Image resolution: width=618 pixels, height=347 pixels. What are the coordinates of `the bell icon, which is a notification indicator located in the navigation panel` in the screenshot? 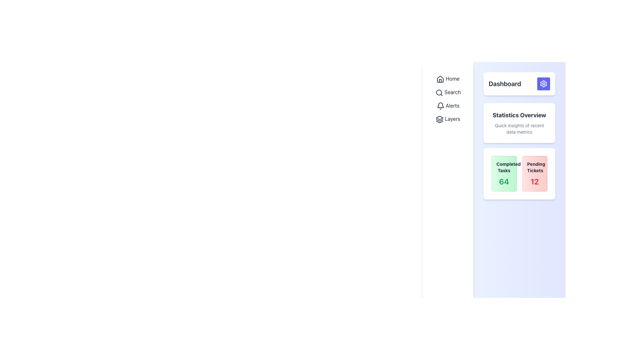 It's located at (440, 106).